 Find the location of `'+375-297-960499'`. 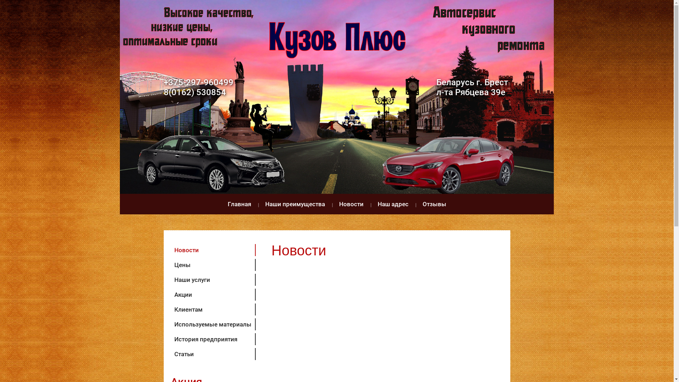

'+375-297-960499' is located at coordinates (198, 82).